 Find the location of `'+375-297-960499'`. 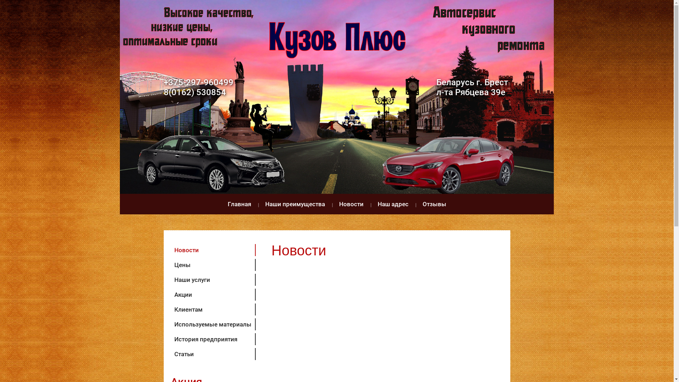

'+375-297-960499' is located at coordinates (198, 82).